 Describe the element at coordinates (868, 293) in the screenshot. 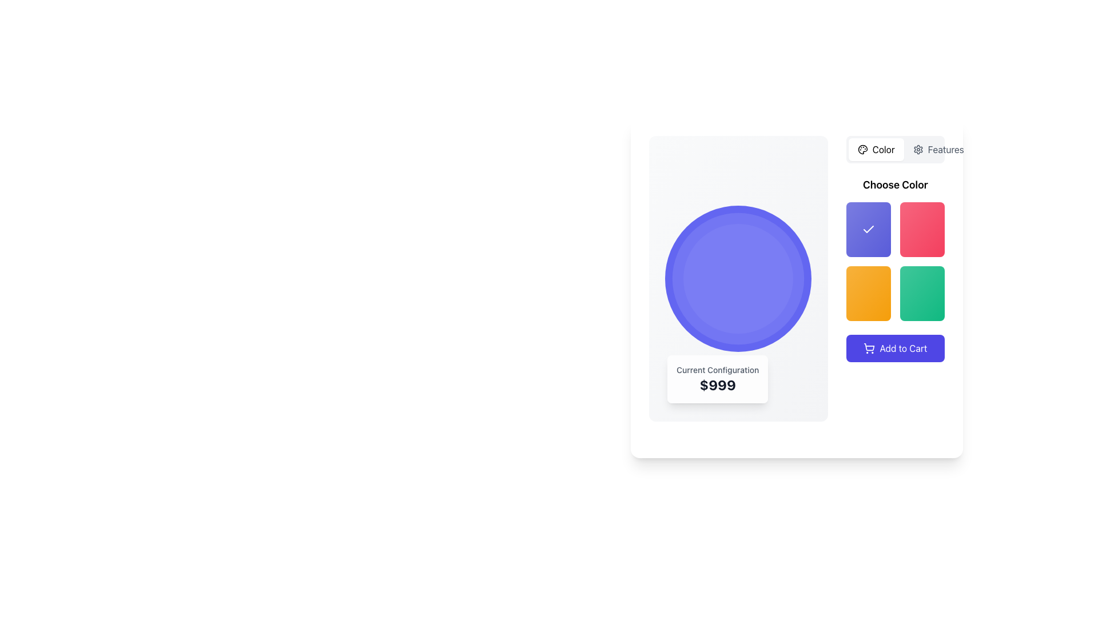

I see `the selectable button styled as a square option in the 'Choose Color' section` at that location.